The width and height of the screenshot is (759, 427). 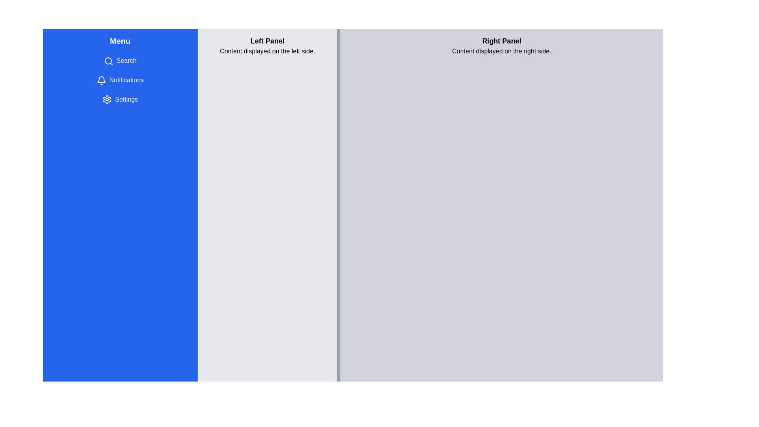 I want to click on the settings icon located in the blue sidebar menu, directly to the left of the text 'Settings', so click(x=107, y=99).